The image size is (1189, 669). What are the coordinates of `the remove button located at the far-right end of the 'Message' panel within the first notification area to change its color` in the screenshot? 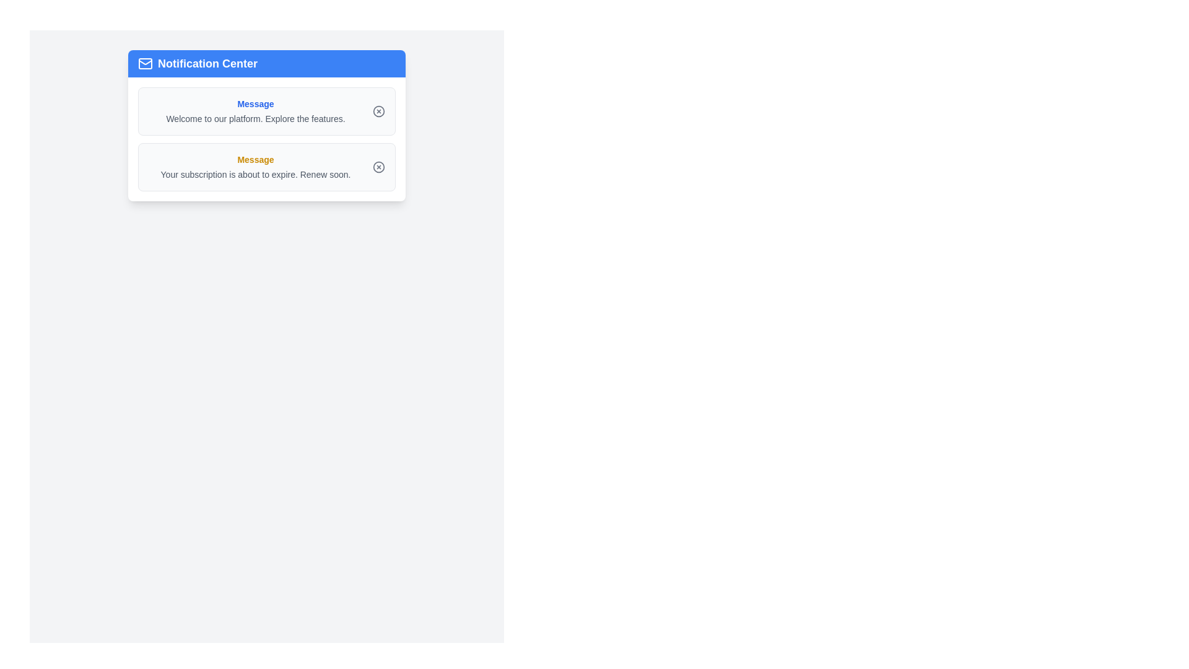 It's located at (378, 111).